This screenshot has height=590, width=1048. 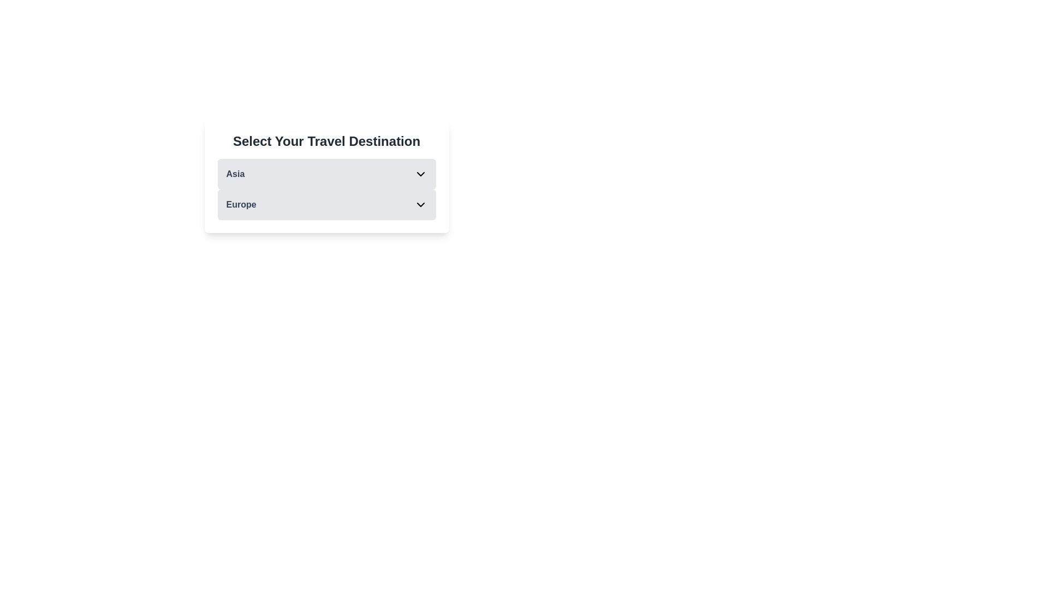 I want to click on the downward arrow next to the 'Europe' option in the dropdown selector for selecting a travel destination, so click(x=326, y=189).